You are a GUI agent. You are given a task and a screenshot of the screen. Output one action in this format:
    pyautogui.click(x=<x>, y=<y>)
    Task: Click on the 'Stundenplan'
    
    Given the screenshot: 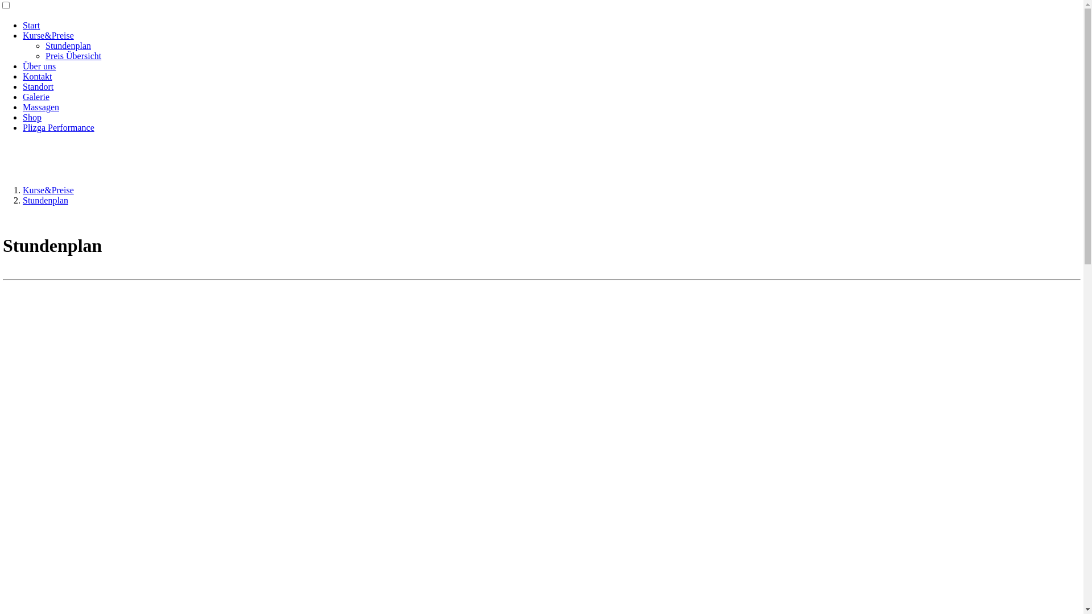 What is the action you would take?
    pyautogui.click(x=68, y=45)
    